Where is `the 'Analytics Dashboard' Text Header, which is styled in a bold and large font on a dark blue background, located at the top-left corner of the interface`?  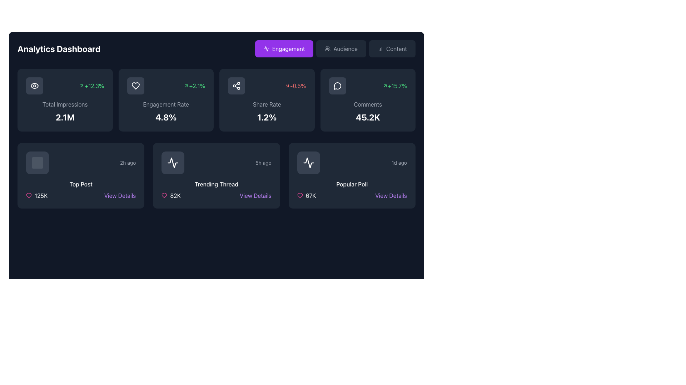
the 'Analytics Dashboard' Text Header, which is styled in a bold and large font on a dark blue background, located at the top-left corner of the interface is located at coordinates (59, 48).